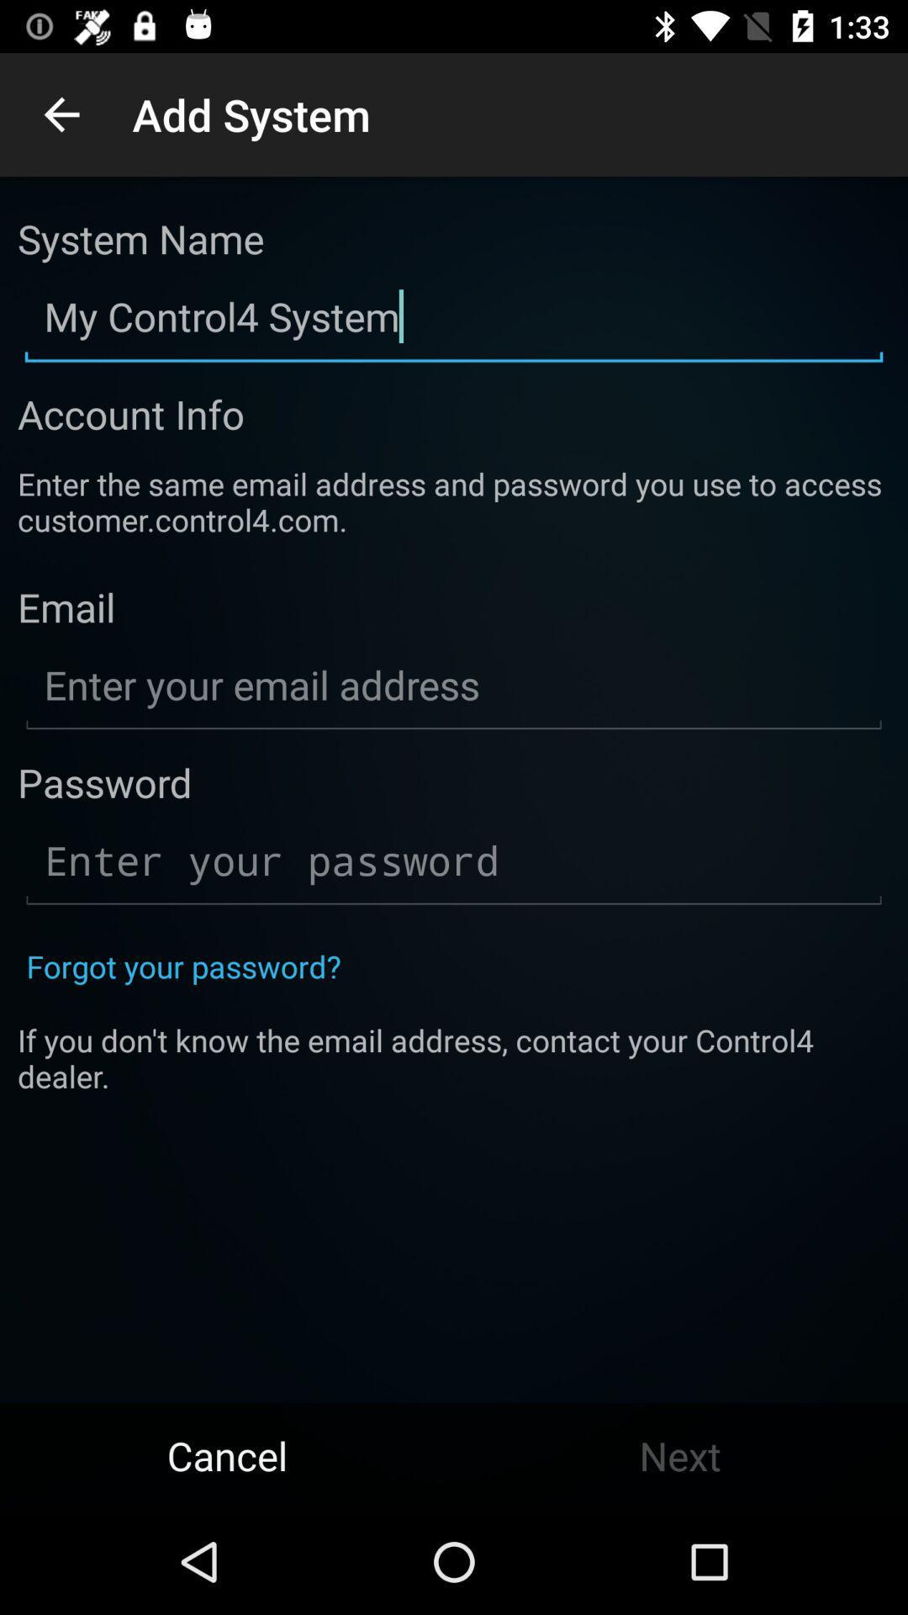 The width and height of the screenshot is (908, 1615). Describe the element at coordinates (183, 966) in the screenshot. I see `forgot your password` at that location.